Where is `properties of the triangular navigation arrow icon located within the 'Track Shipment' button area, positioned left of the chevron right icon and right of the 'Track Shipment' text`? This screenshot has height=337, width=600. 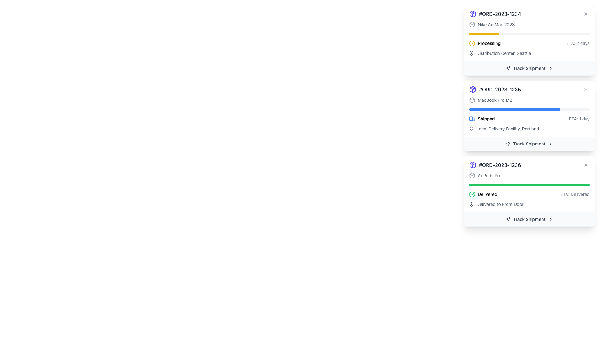 properties of the triangular navigation arrow icon located within the 'Track Shipment' button area, positioned left of the chevron right icon and right of the 'Track Shipment' text is located at coordinates (508, 68).